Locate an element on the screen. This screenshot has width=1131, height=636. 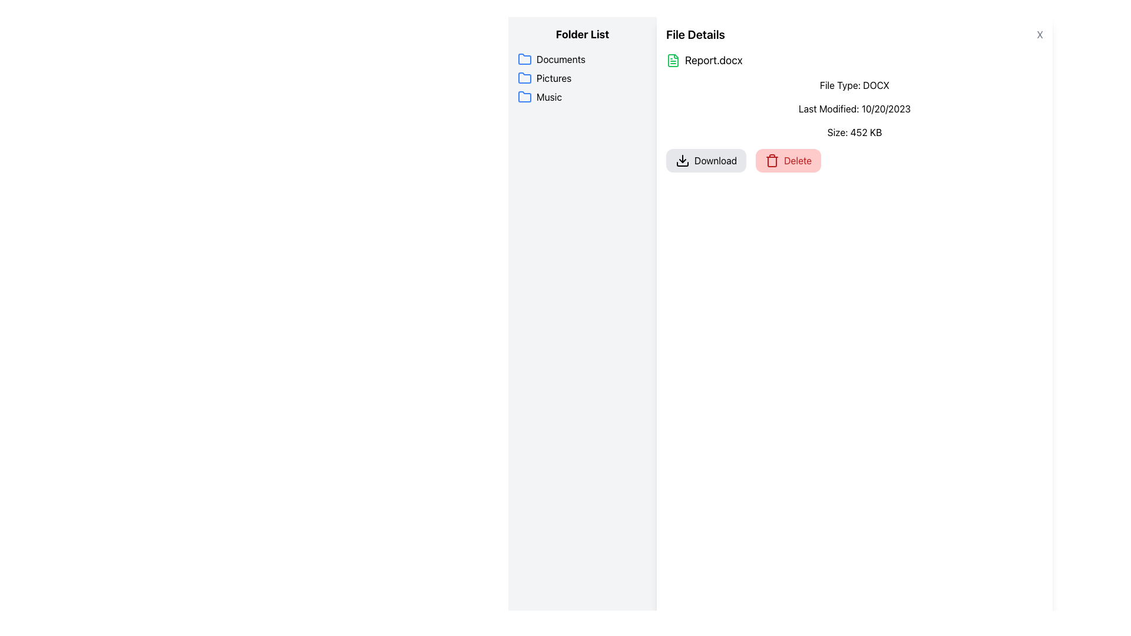
the text label displaying 'Size: 452 KB' located in the 'File Details' section, below the 'Last Modified' text is located at coordinates (854, 132).